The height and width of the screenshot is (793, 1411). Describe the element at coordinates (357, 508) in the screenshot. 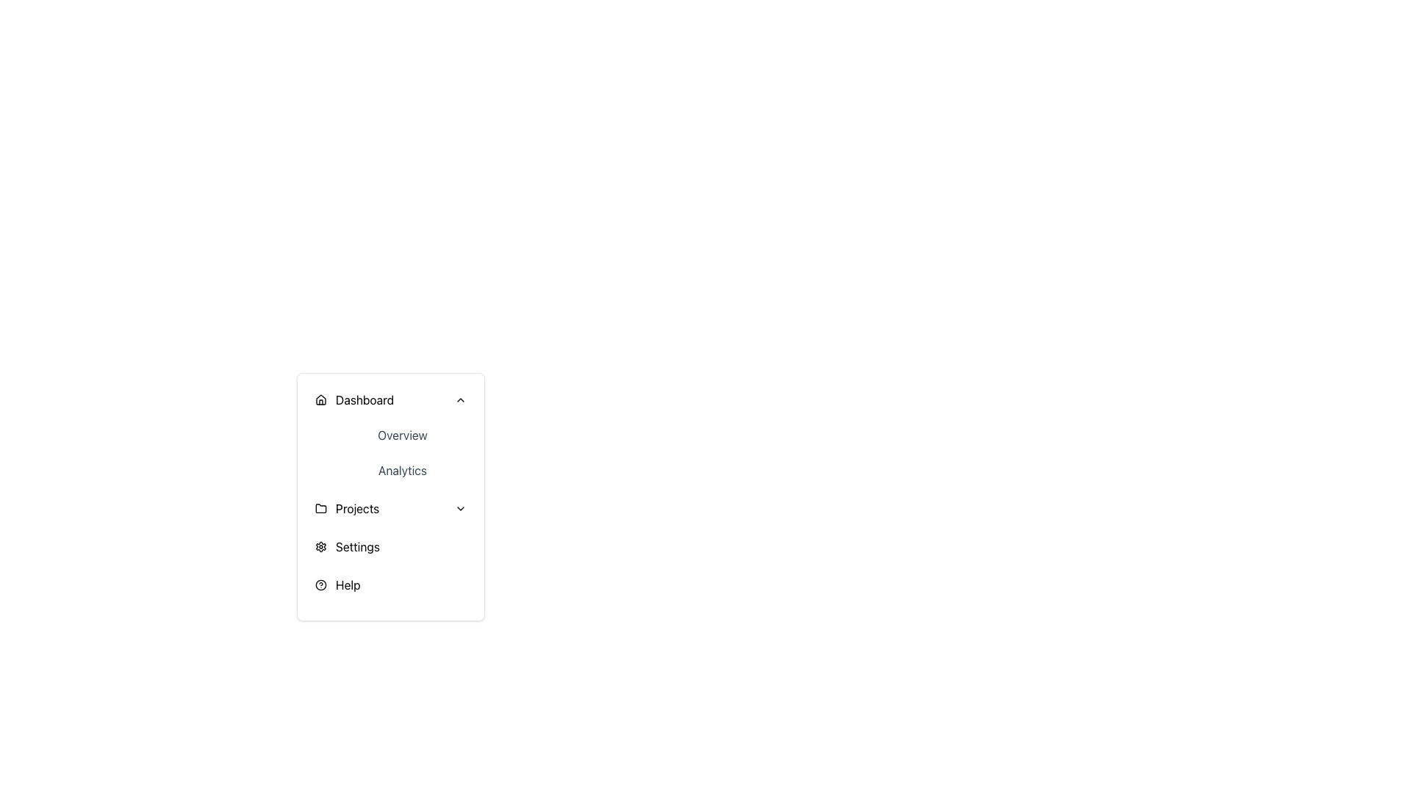

I see `the 'Projects' label in the sidebar menu` at that location.